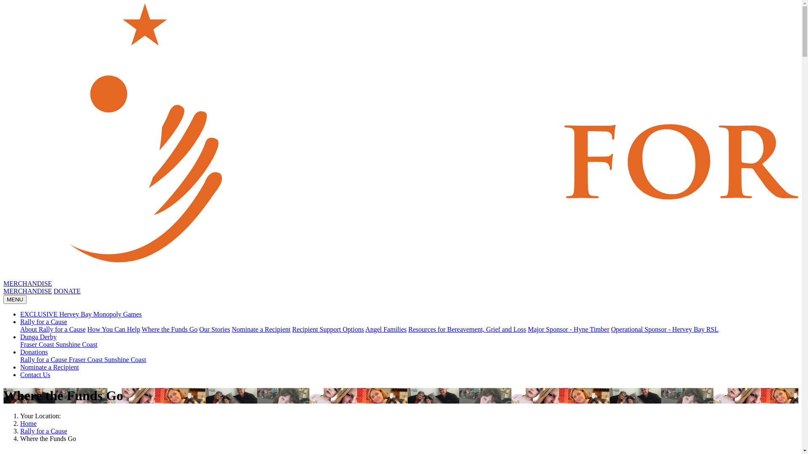  Describe the element at coordinates (232, 329) in the screenshot. I see `'Nominate a Recipient'` at that location.